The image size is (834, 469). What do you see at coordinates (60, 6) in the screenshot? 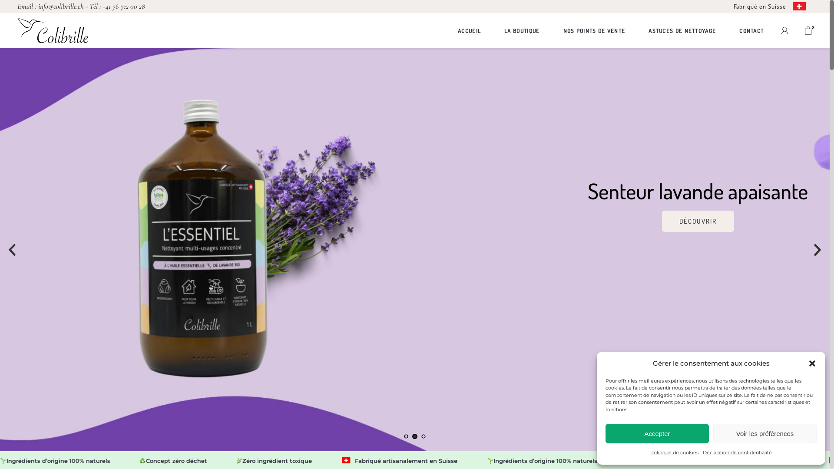
I see `'info@colibrille.ch'` at bounding box center [60, 6].